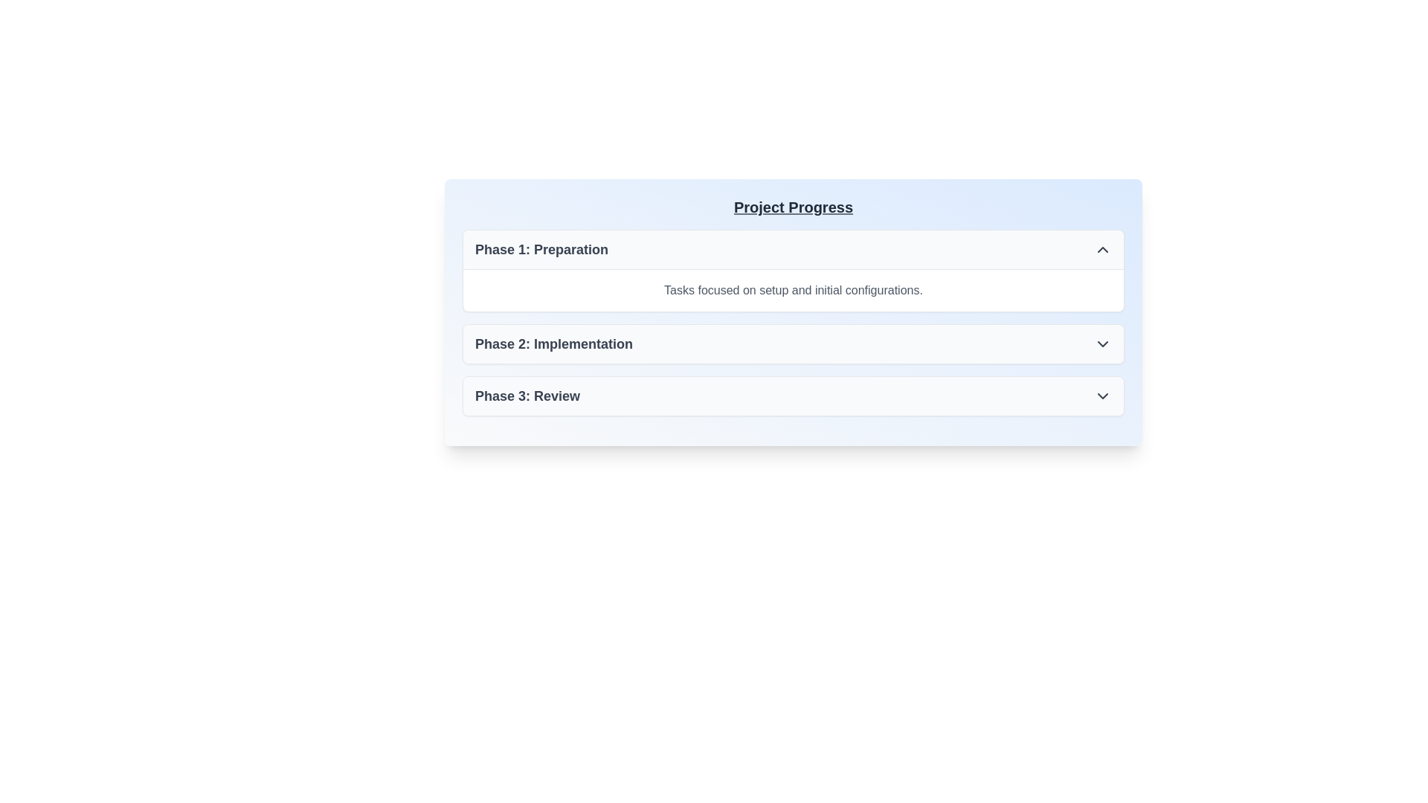  Describe the element at coordinates (1103, 344) in the screenshot. I see `the downward-facing chevron-shaped icon located to the right of the text 'Phase 2: Implementation'` at that location.